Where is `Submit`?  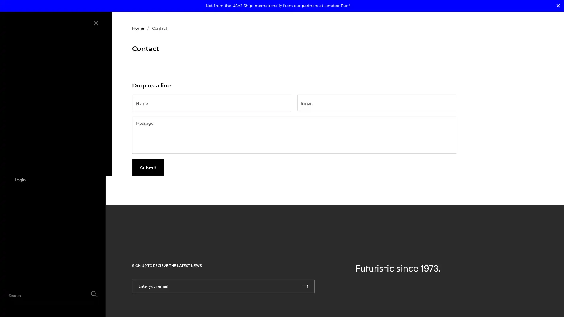
Submit is located at coordinates (305, 286).